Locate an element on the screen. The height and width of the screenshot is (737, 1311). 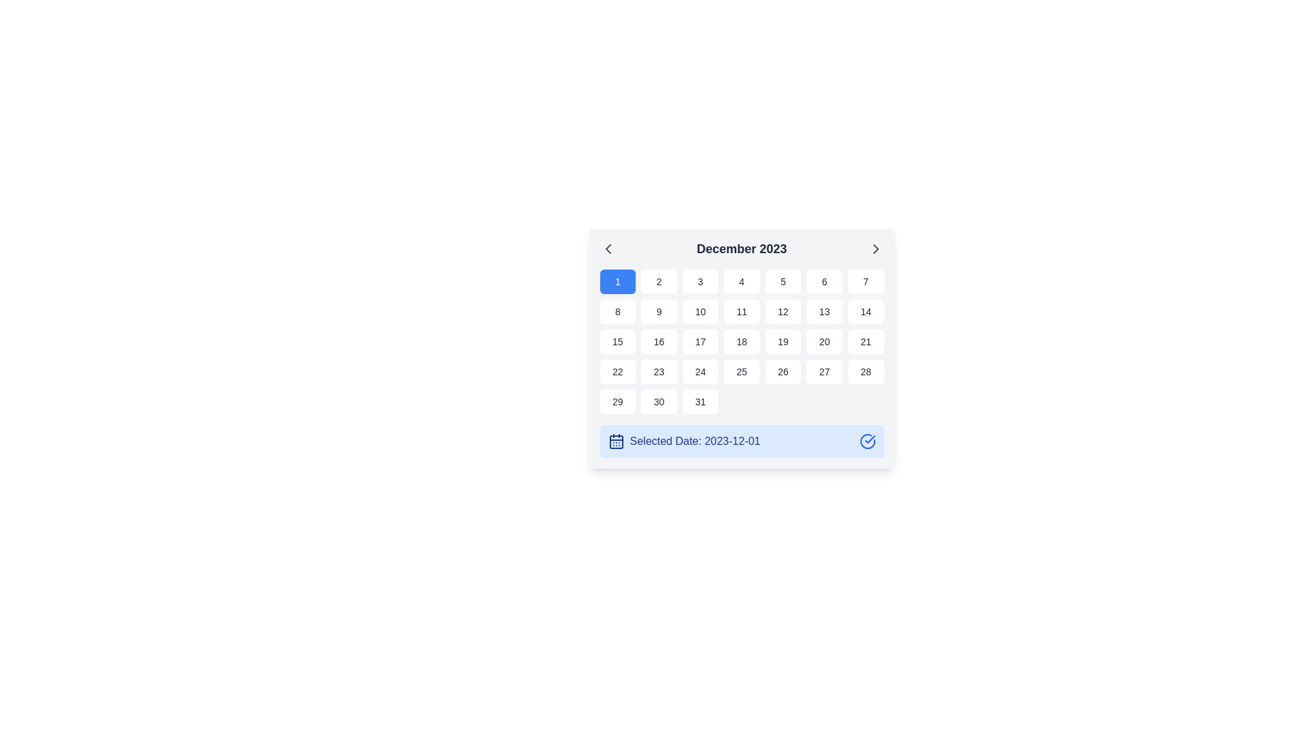
the right-pointing chevron icon in the calendar header is located at coordinates (875, 249).